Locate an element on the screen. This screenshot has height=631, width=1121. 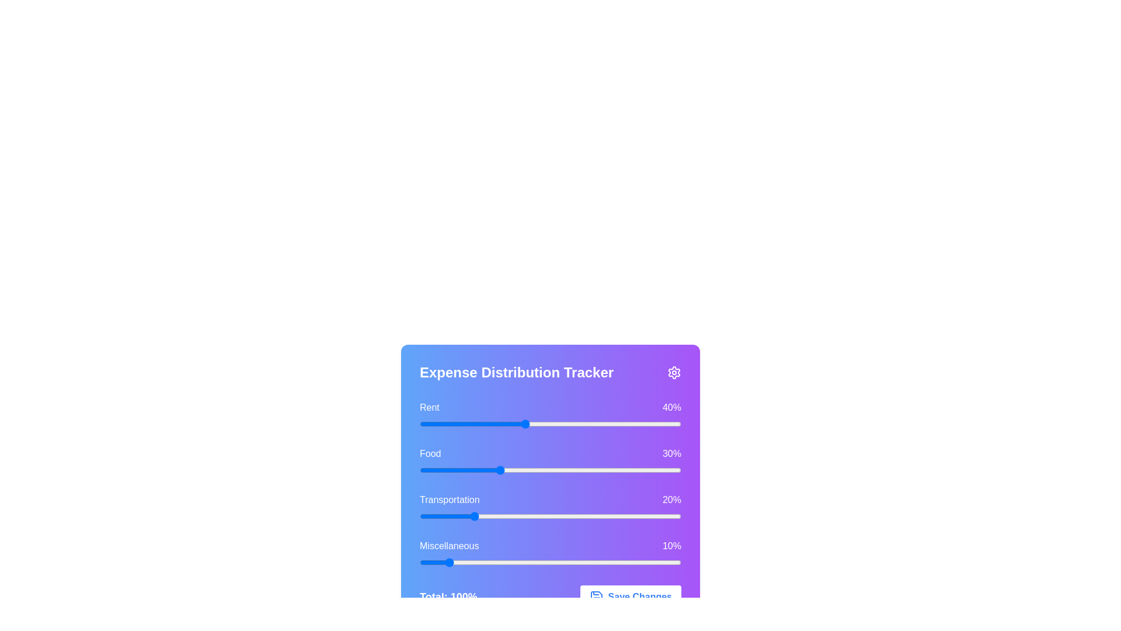
the 'Food' slider is located at coordinates (607, 470).